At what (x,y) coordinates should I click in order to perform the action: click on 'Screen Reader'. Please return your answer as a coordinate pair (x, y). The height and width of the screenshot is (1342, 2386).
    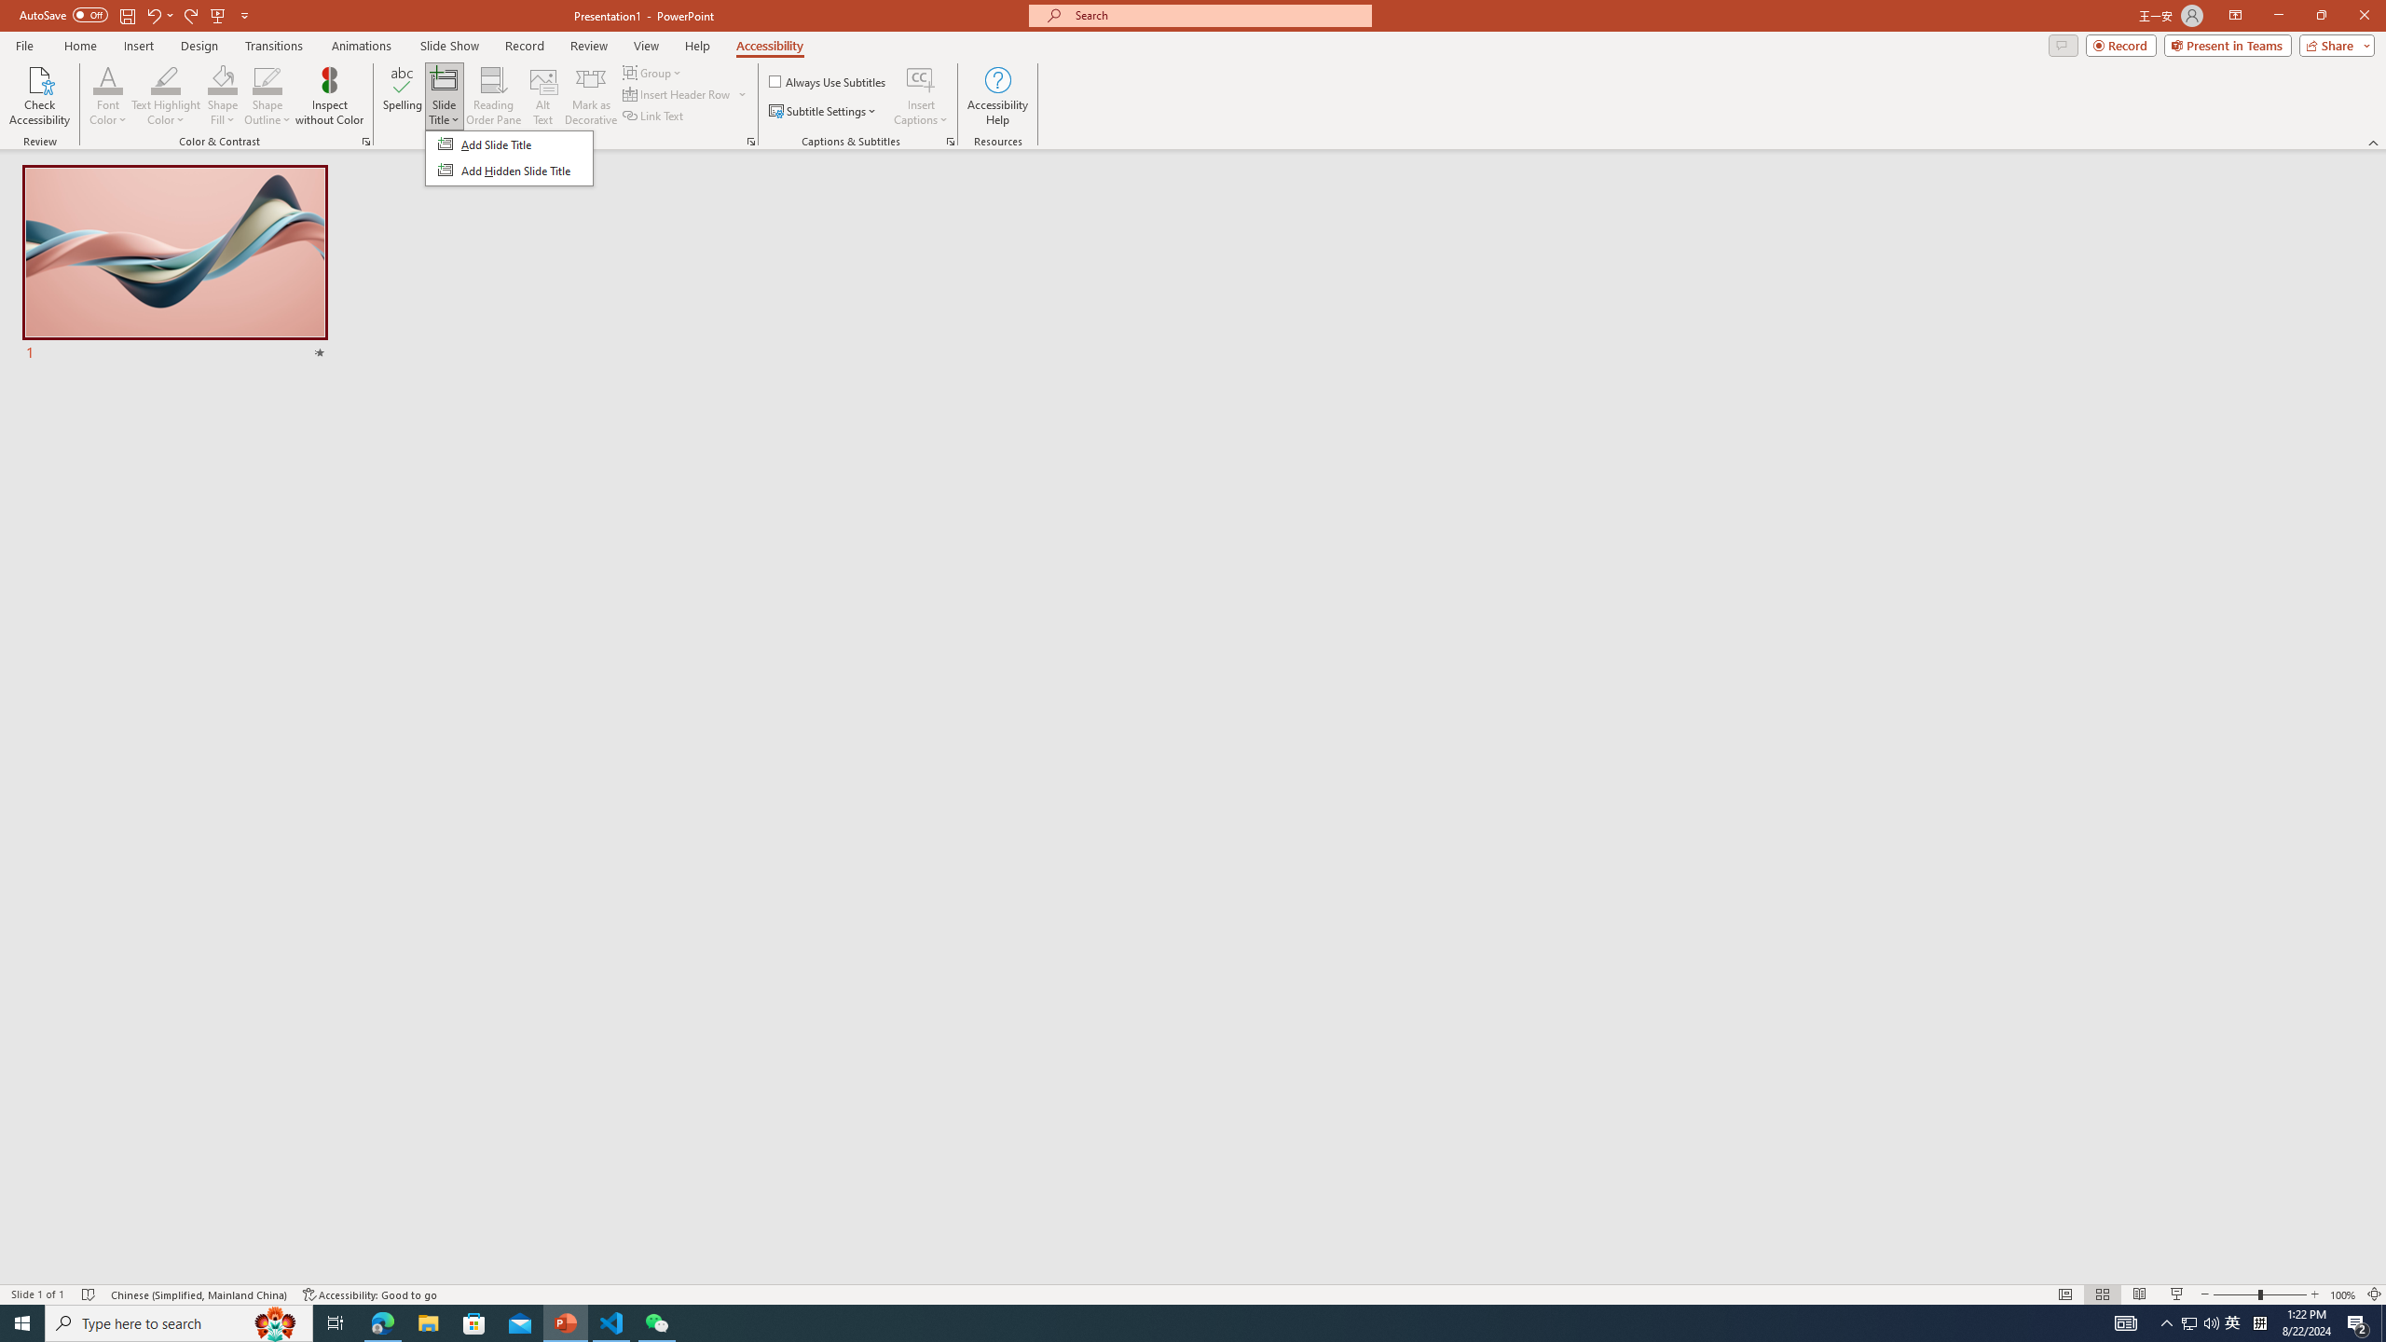
    Looking at the image, I should click on (751, 140).